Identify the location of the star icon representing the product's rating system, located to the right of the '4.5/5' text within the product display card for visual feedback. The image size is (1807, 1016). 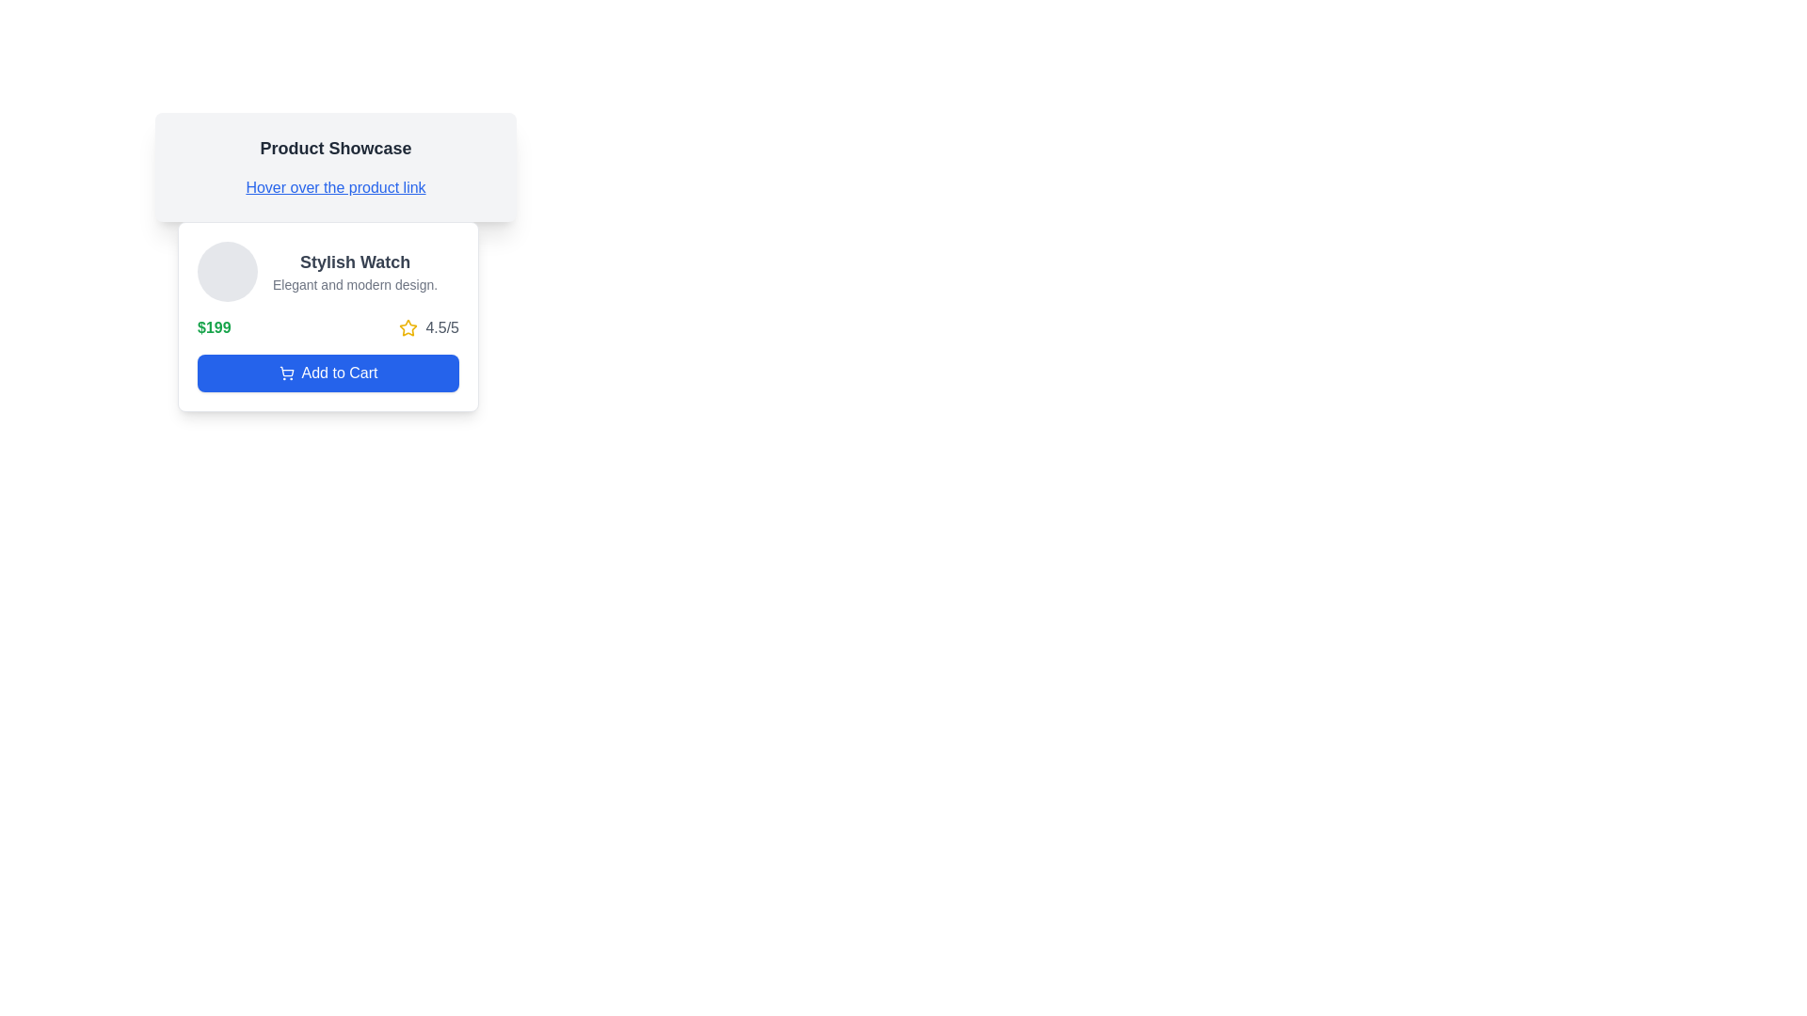
(408, 326).